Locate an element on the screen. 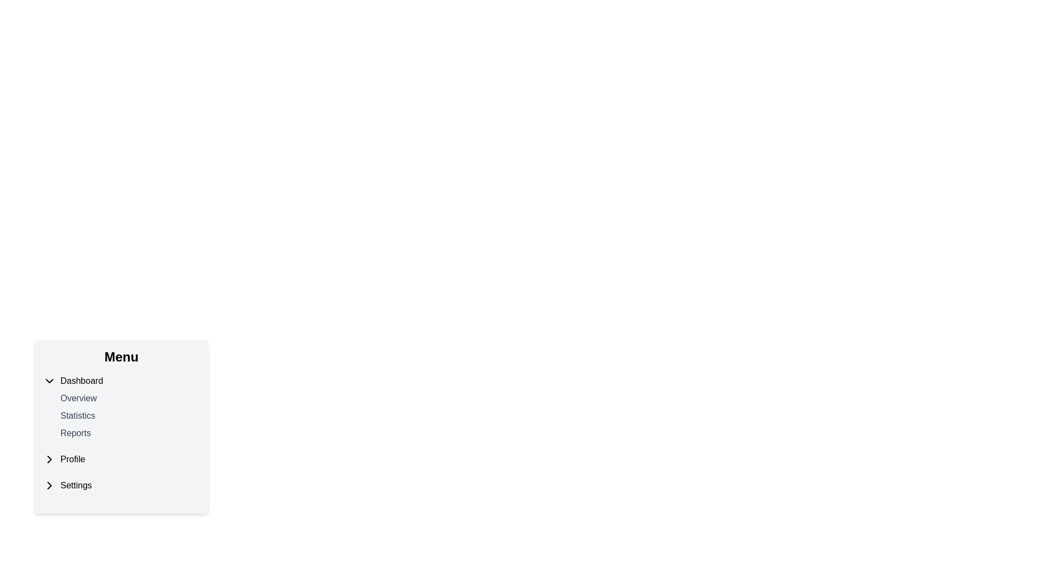 Image resolution: width=1046 pixels, height=588 pixels. the 'Overview' text label within the 'Dashboard' menu is located at coordinates (128, 399).